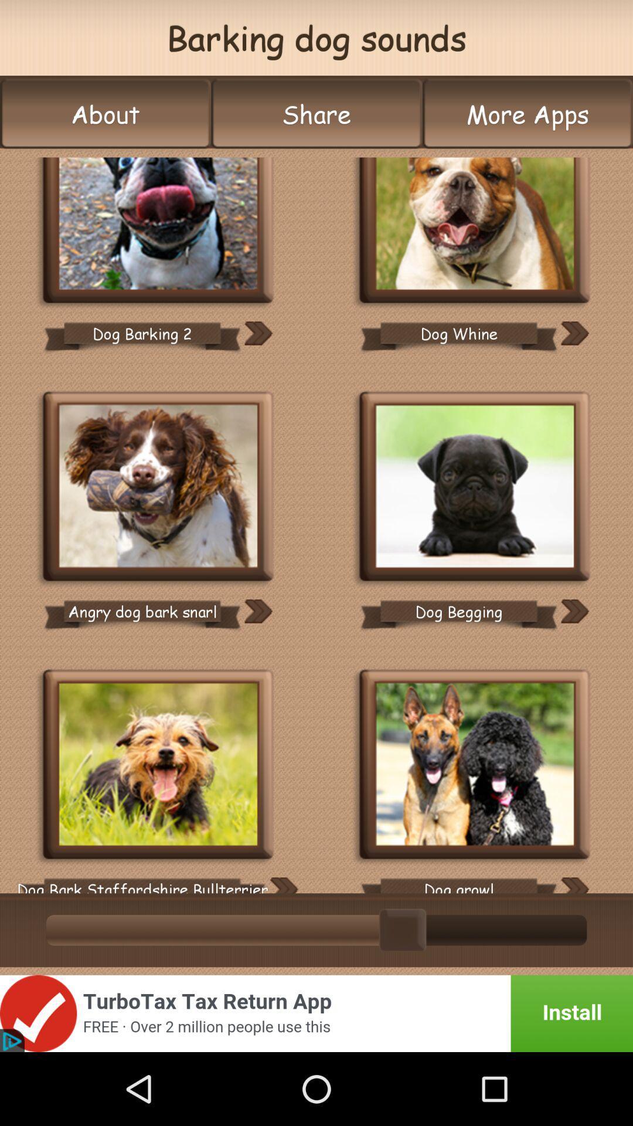  Describe the element at coordinates (527, 114) in the screenshot. I see `the more apps button` at that location.